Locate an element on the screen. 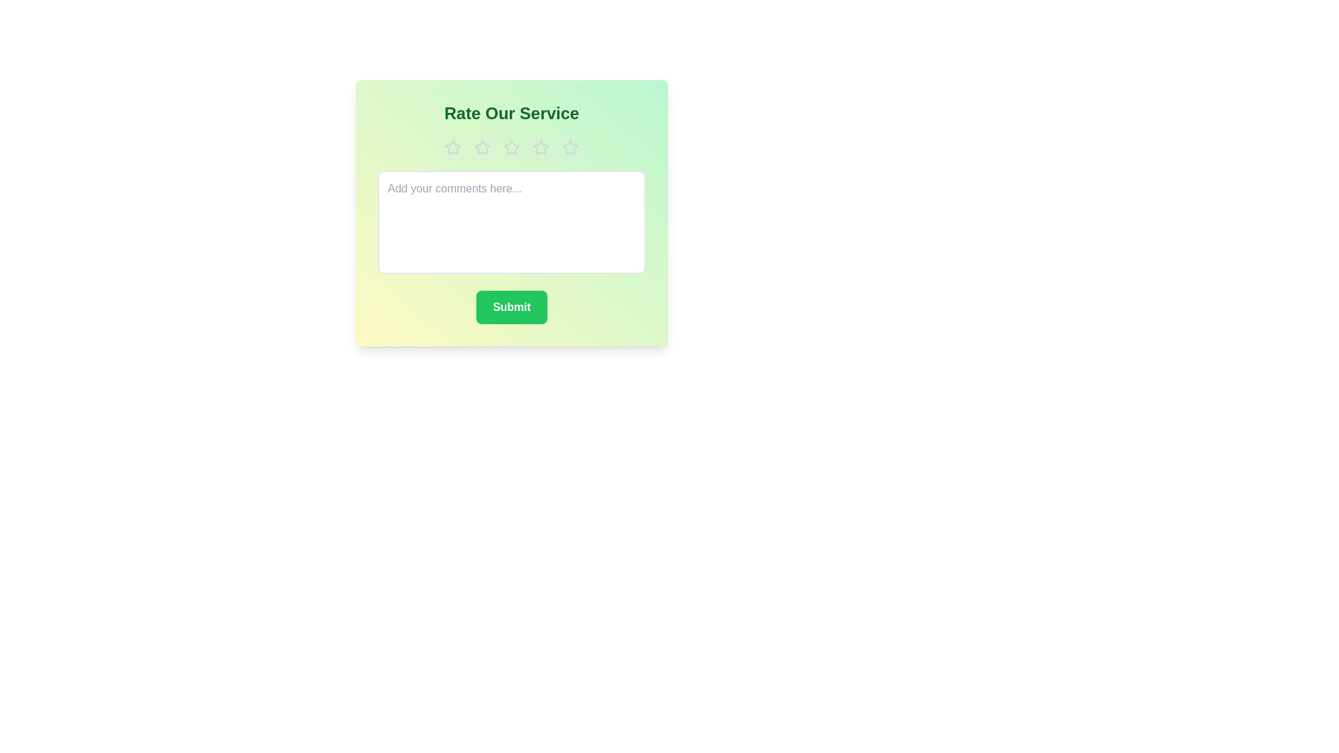  the star representing the rating 3 is located at coordinates (511, 148).